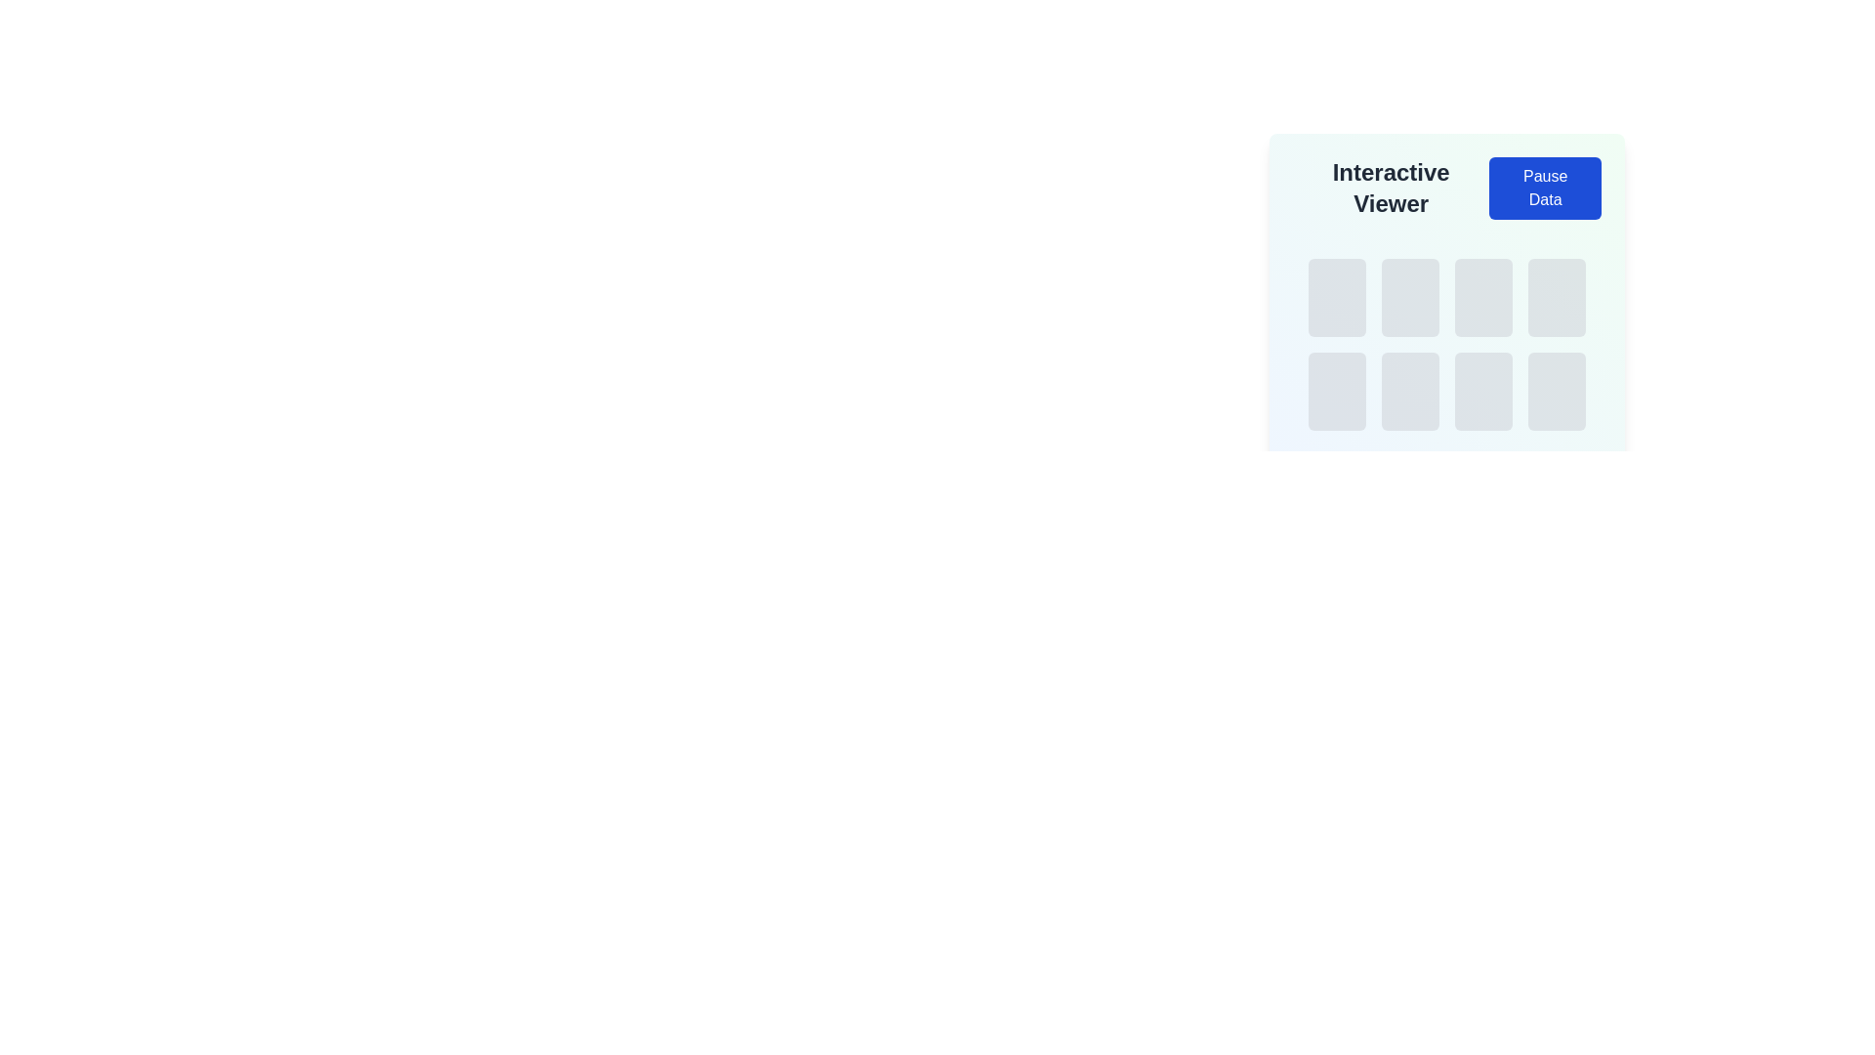 This screenshot has width=1875, height=1055. I want to click on the Placeholder skeleton box located in the top right corner of the grid layout, specifically in the 4th column of the 1st row, so click(1556, 297).